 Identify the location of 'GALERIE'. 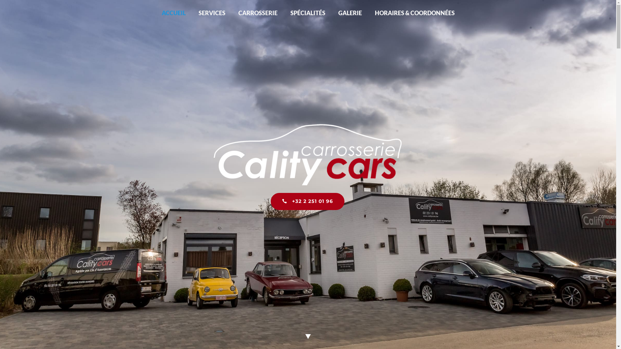
(350, 13).